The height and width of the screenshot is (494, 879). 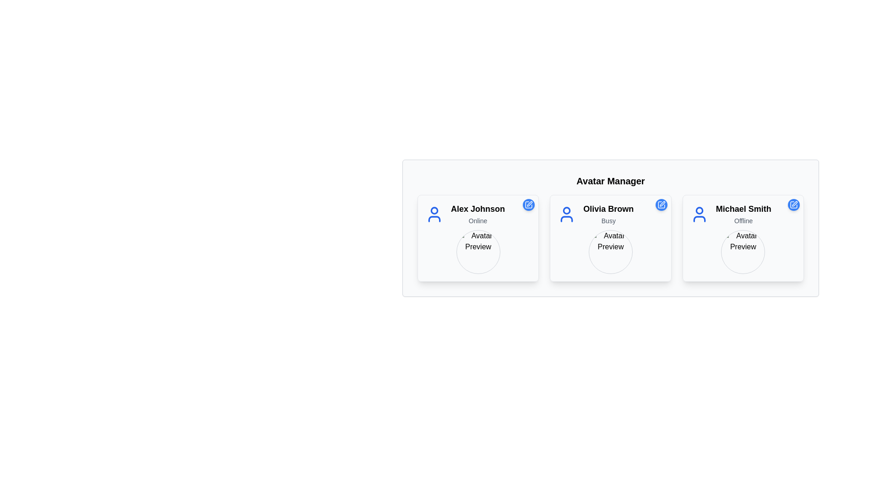 I want to click on the circular blue button containing the edit icon for Olivia Brown's profile, so click(x=661, y=204).